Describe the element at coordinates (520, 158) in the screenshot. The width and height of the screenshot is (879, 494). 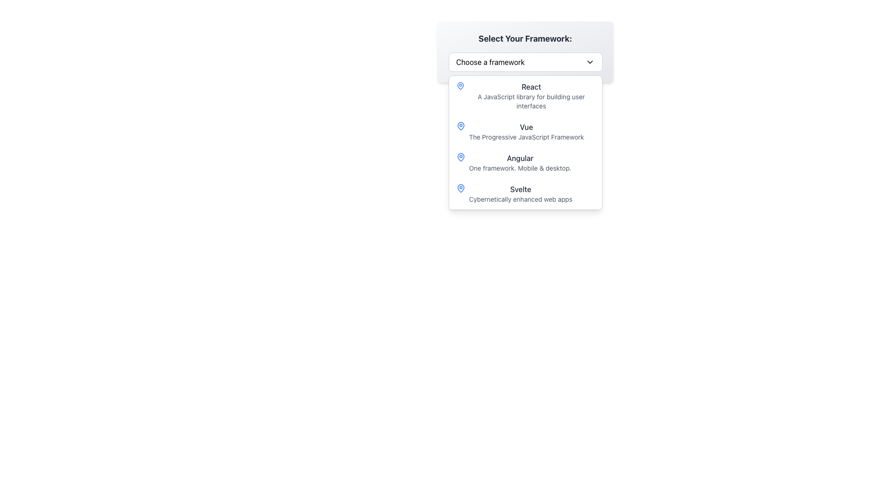
I see `the text label displaying the word 'Angular' in bold dark gray font, which is the first part of a two-line text group under the option 'Angular' in a pop-up framework selection menu` at that location.